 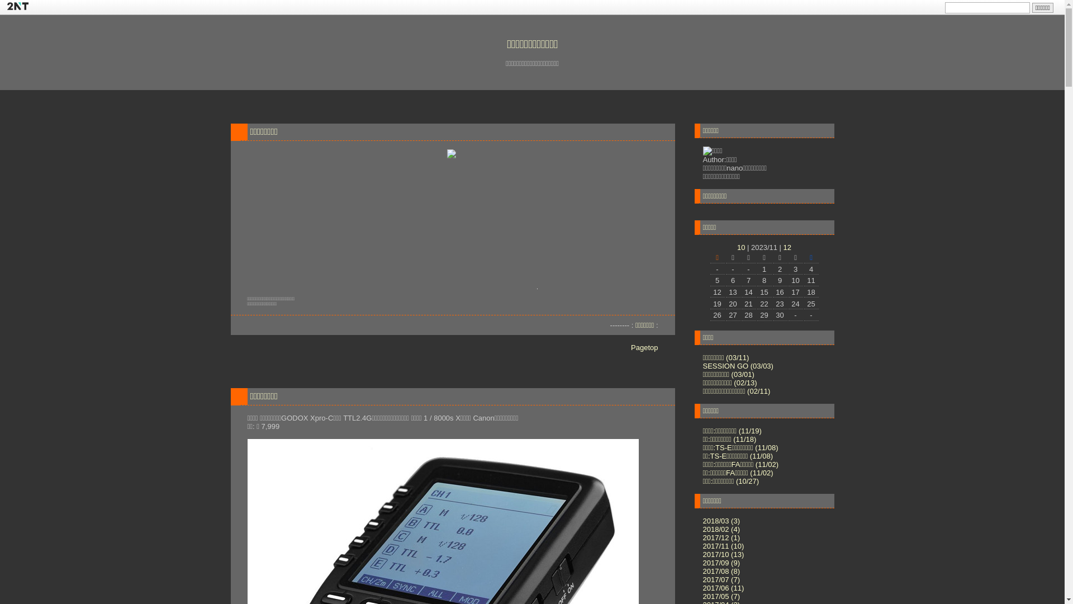 I want to click on '2017/07 (7)', so click(x=702, y=579).